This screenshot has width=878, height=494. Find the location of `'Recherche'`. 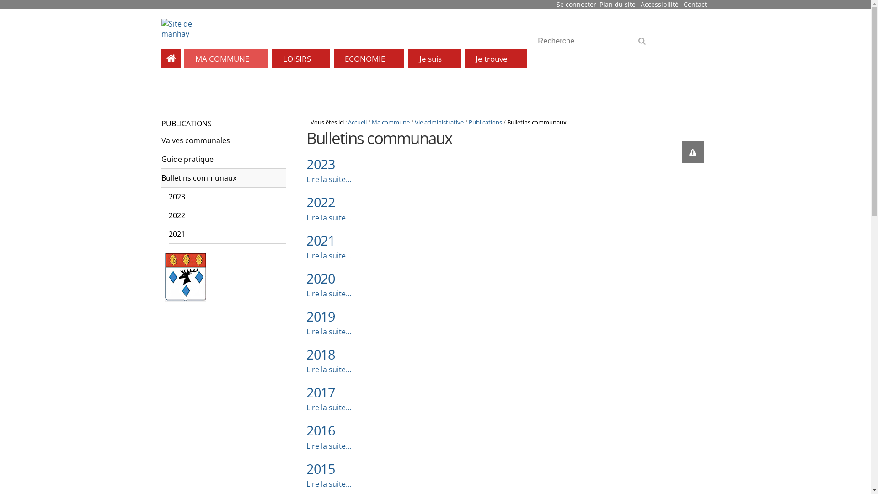

'Recherche' is located at coordinates (594, 40).